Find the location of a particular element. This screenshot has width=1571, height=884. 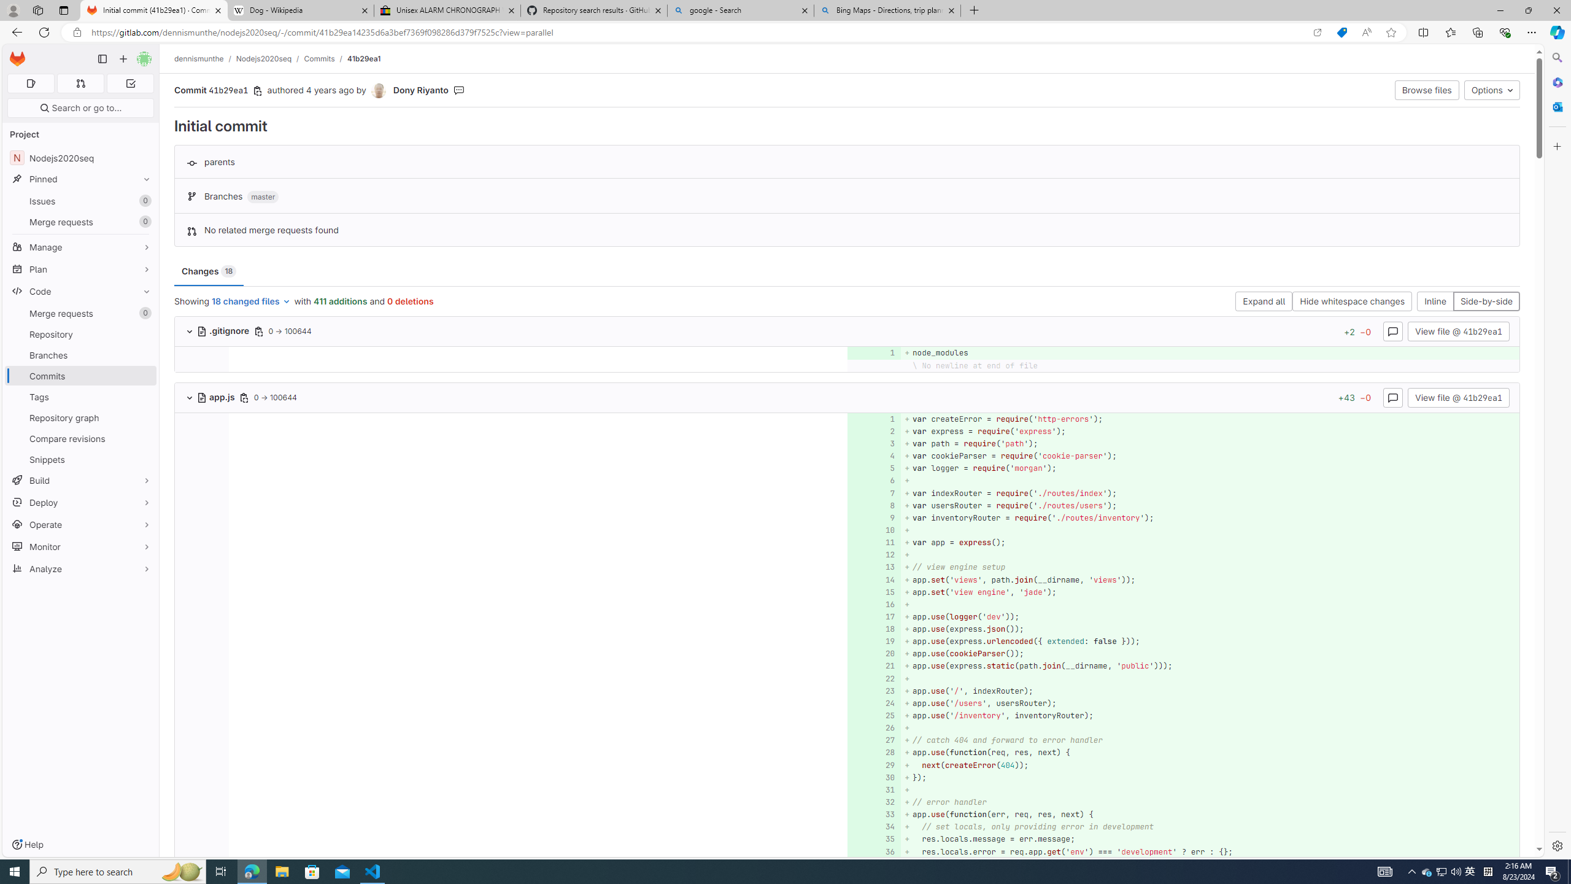

'Side bar' is located at coordinates (1557, 451).